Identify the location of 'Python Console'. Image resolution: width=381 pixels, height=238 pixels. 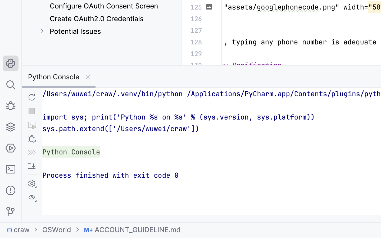
(59, 76).